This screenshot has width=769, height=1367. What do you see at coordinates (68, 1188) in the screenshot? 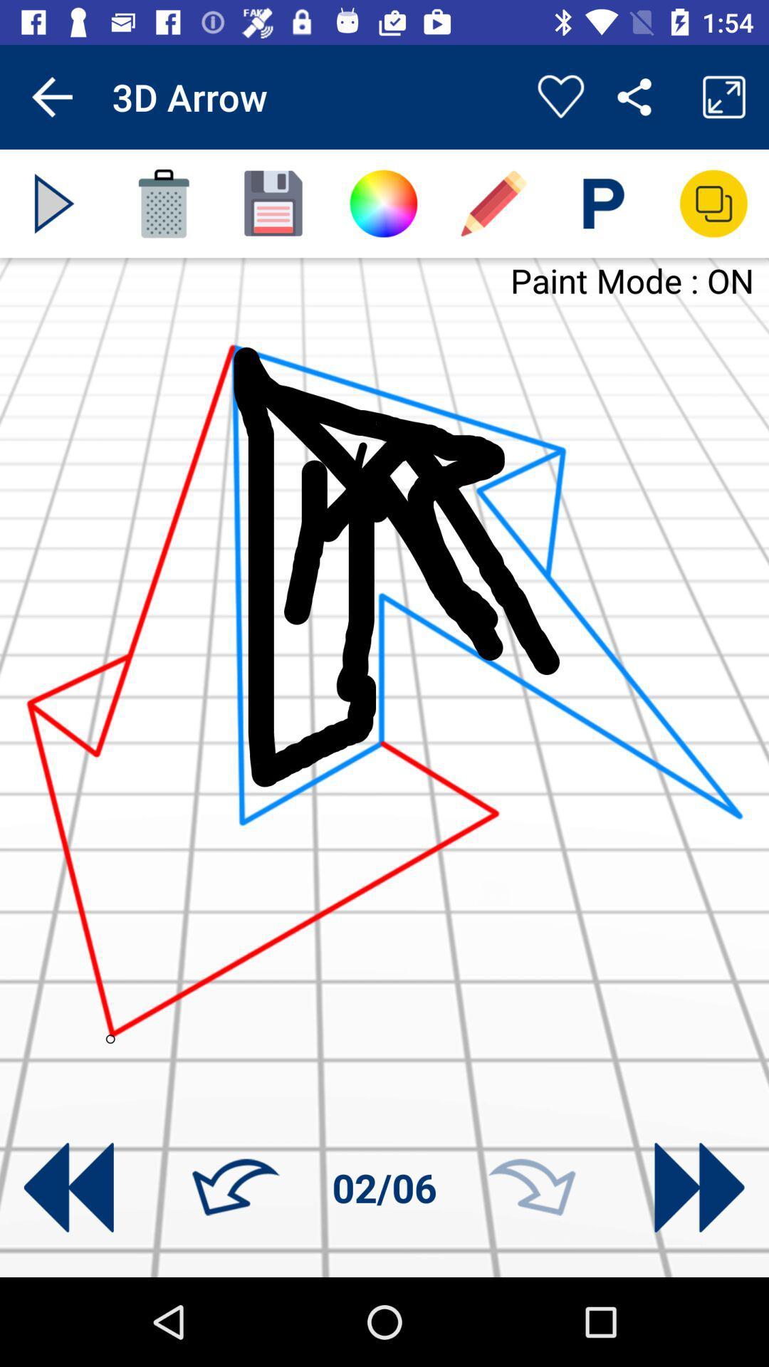
I see `go back` at bounding box center [68, 1188].